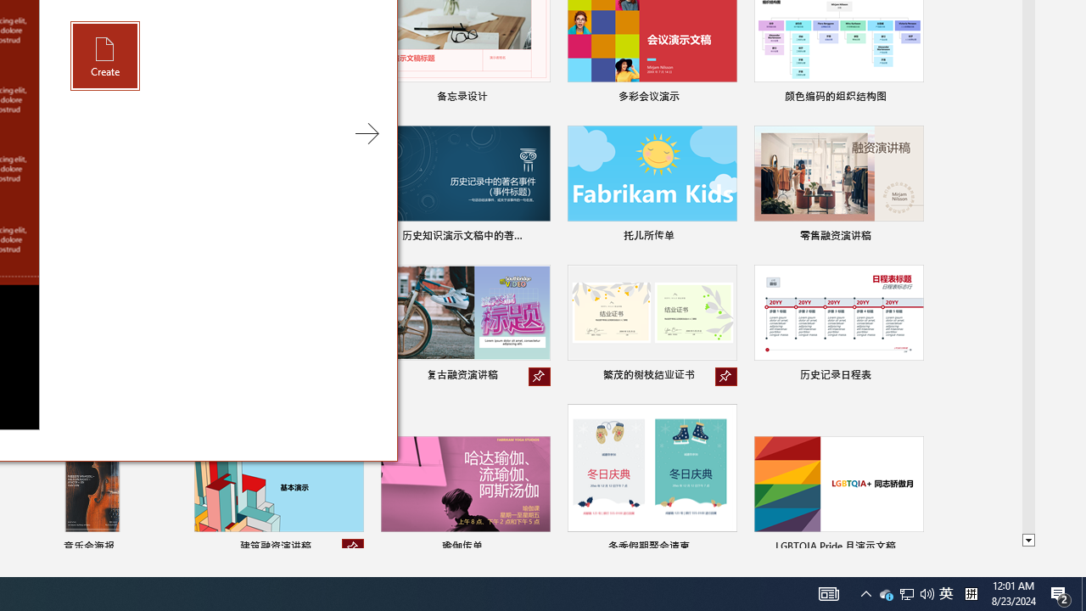 The image size is (1086, 611). I want to click on 'Create', so click(104, 55).